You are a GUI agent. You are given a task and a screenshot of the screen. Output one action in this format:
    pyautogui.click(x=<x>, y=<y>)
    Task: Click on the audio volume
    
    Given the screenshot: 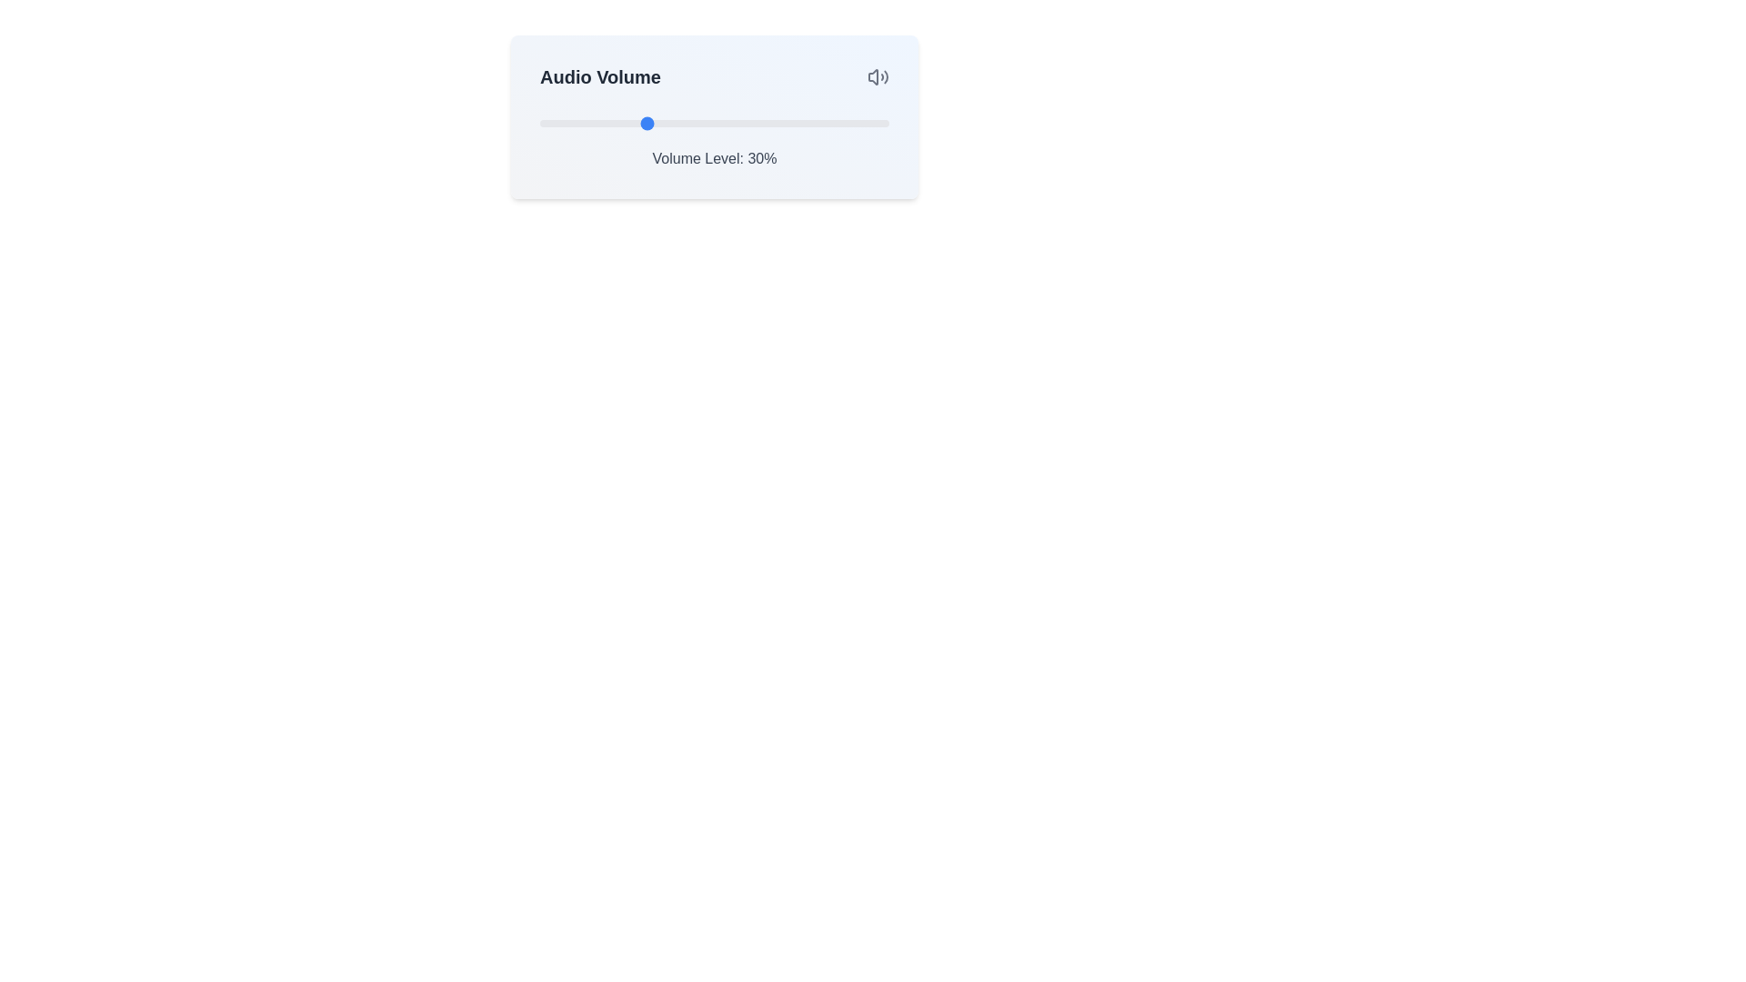 What is the action you would take?
    pyautogui.click(x=784, y=123)
    